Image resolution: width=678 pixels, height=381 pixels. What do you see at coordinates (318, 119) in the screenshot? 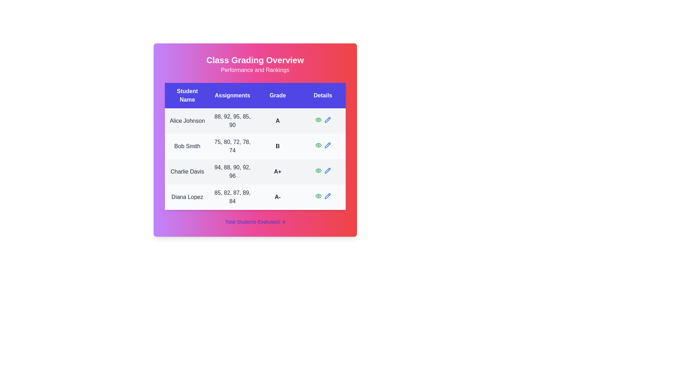
I see `eye icon for the student Alice Johnson to view detailed information` at bounding box center [318, 119].